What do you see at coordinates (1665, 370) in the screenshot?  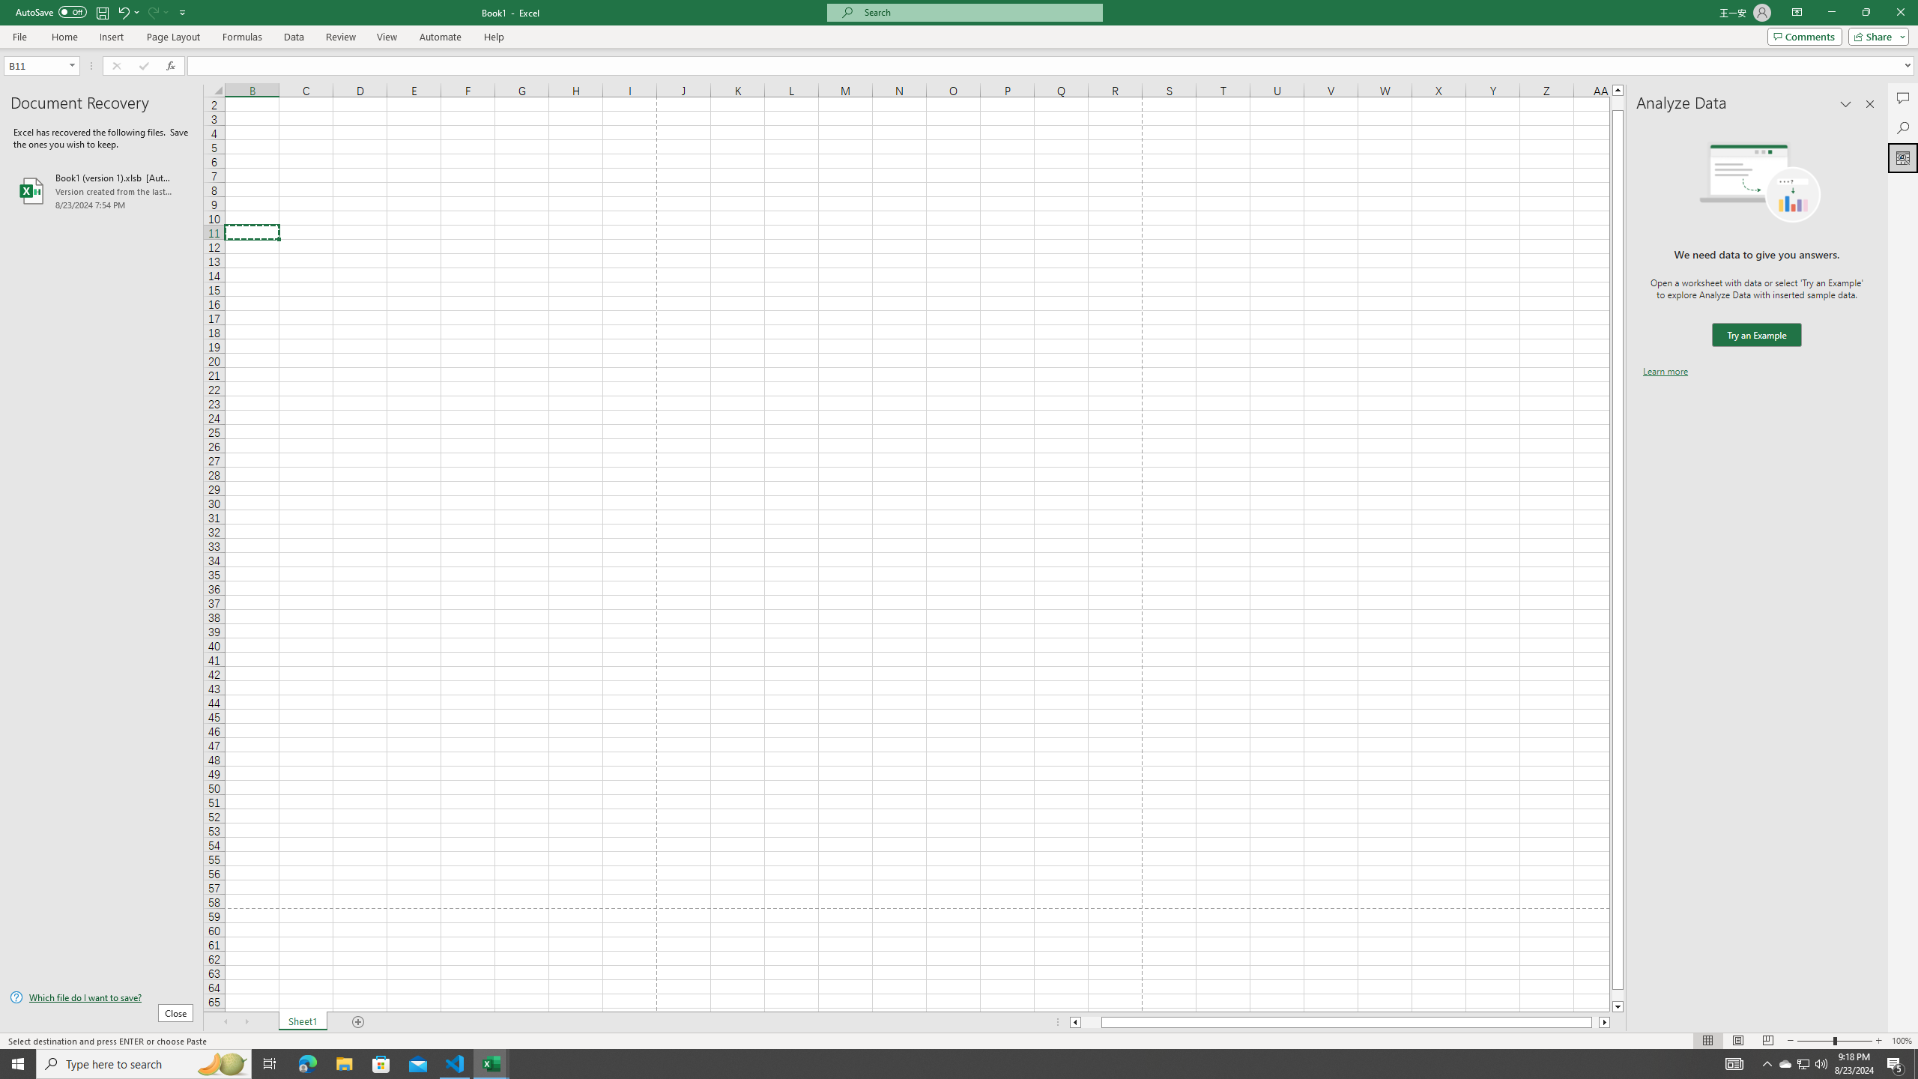 I see `'Learn more'` at bounding box center [1665, 370].